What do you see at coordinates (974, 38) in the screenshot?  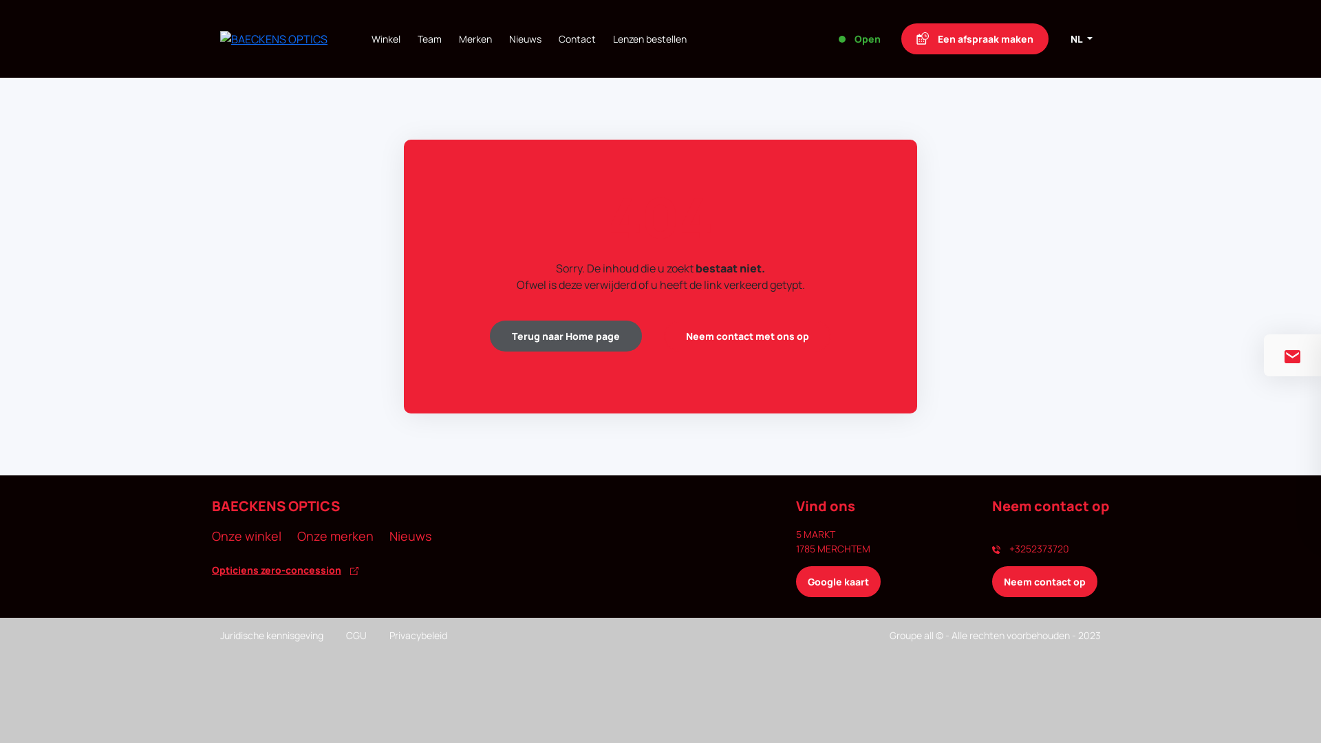 I see `'Een afspraak maken'` at bounding box center [974, 38].